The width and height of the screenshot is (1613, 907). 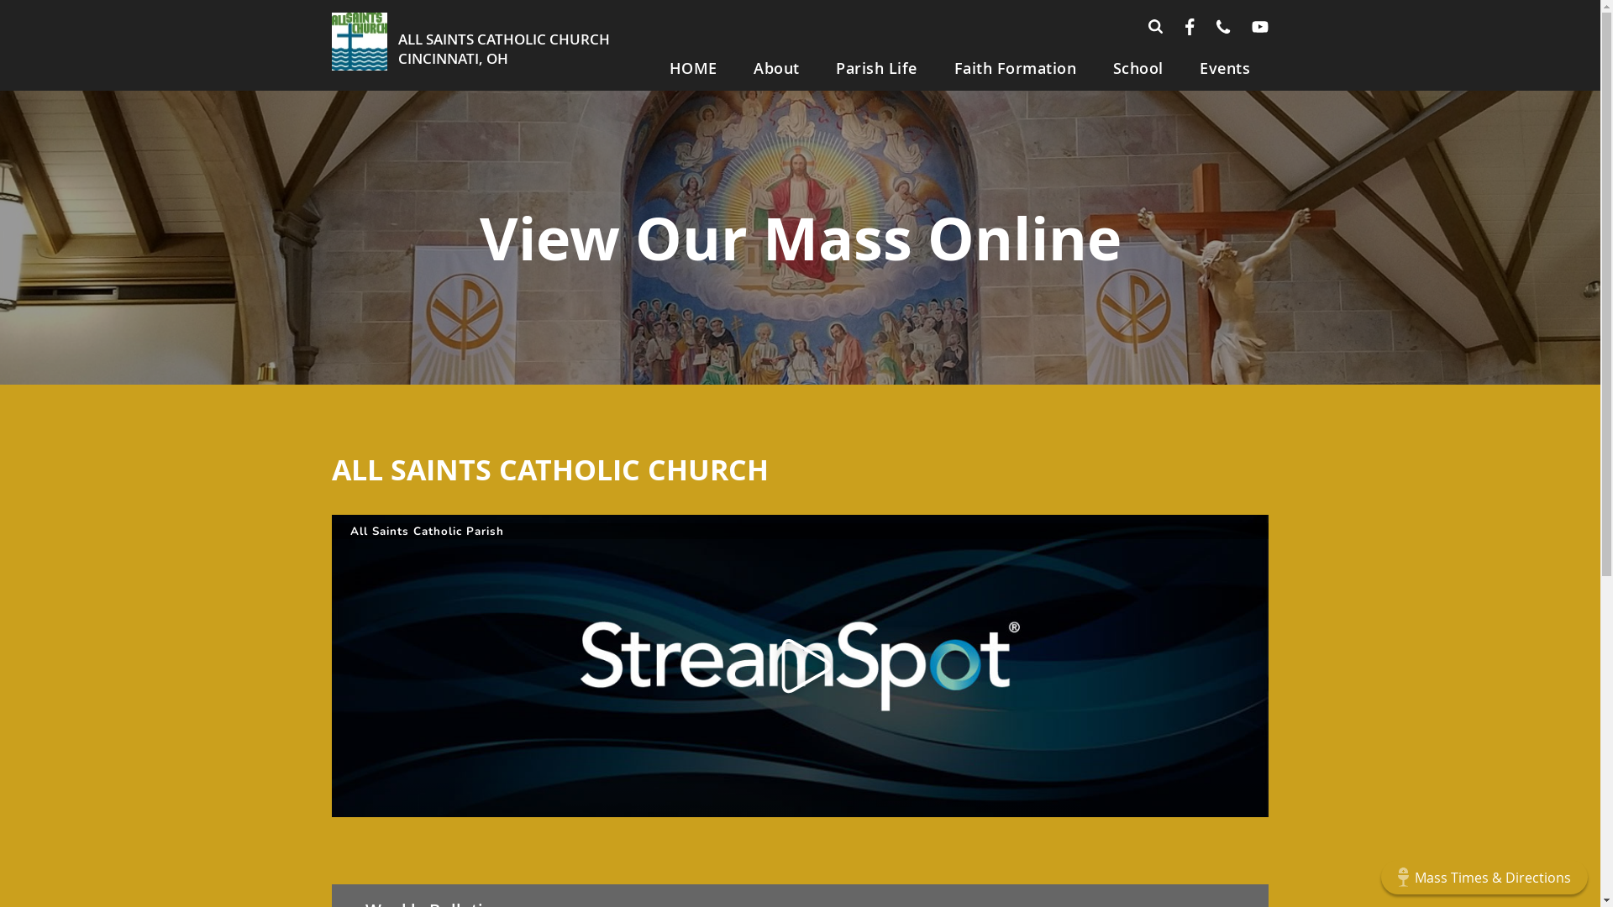 What do you see at coordinates (693, 67) in the screenshot?
I see `'HOME'` at bounding box center [693, 67].